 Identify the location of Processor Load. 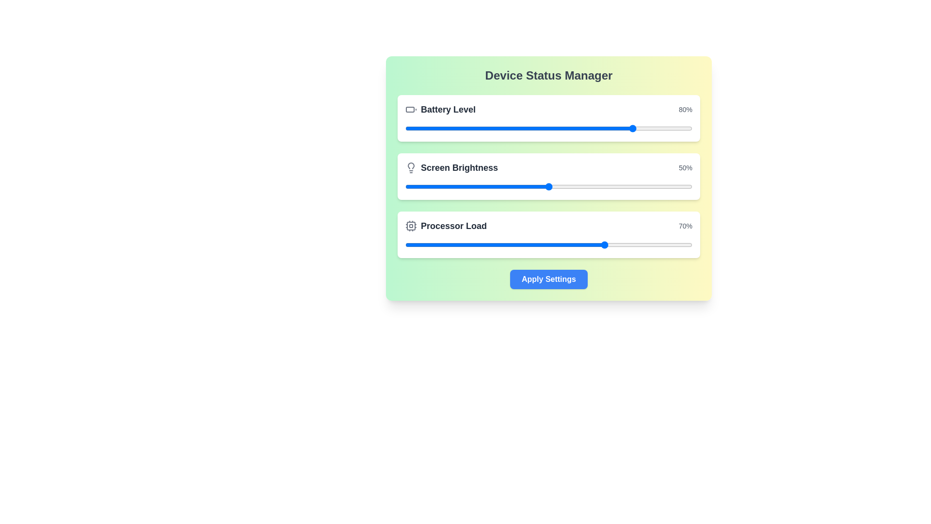
(686, 245).